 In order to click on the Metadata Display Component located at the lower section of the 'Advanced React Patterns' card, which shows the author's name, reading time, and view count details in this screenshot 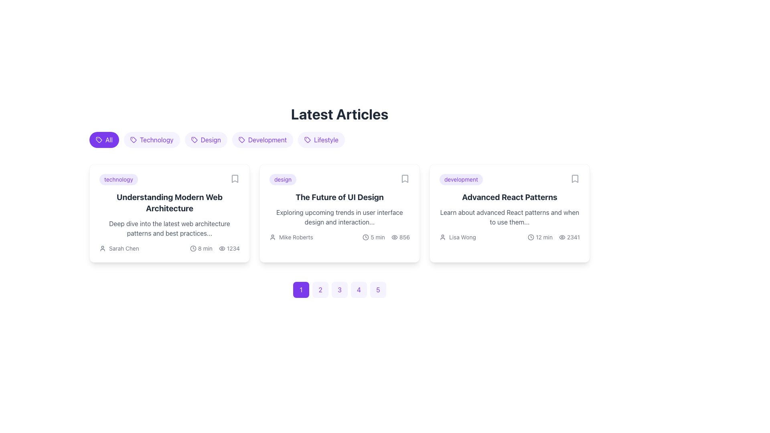, I will do `click(509, 237)`.